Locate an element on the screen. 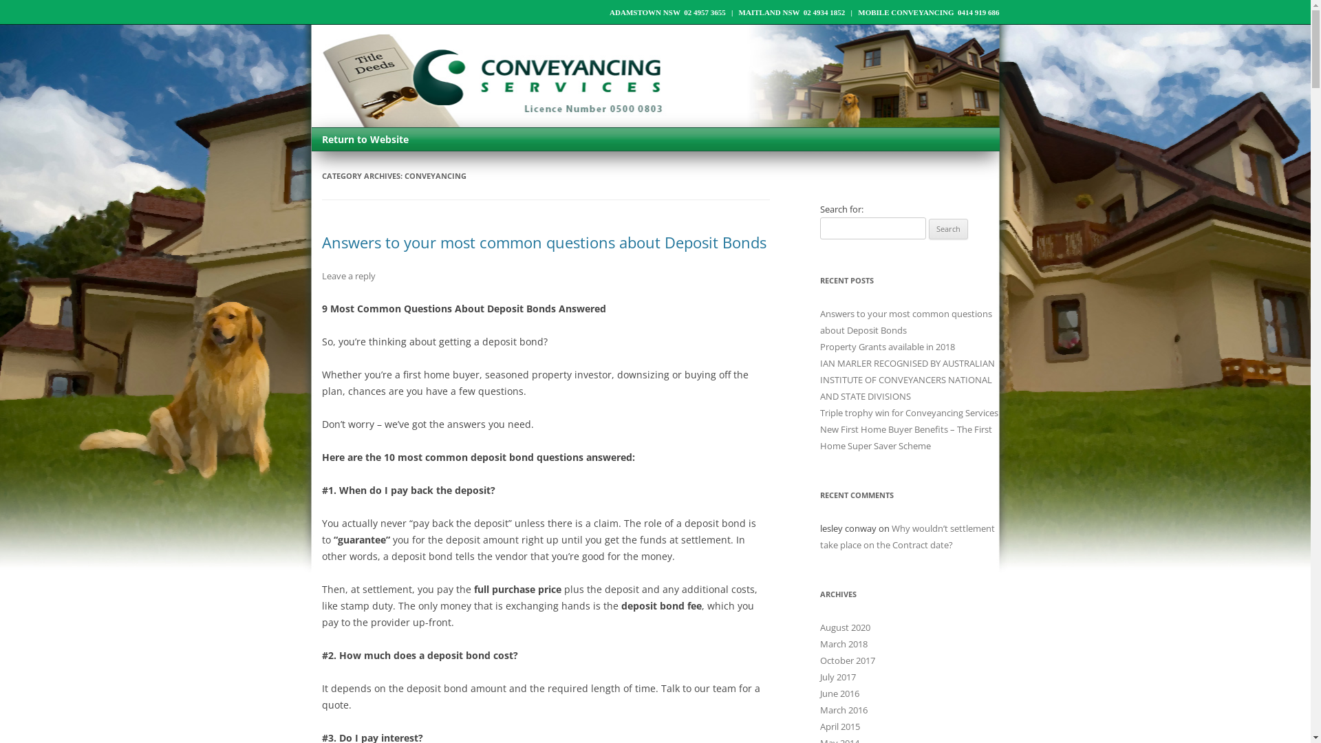  'Return to Website' is located at coordinates (364, 139).